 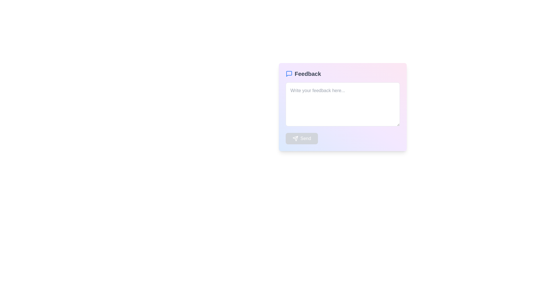 What do you see at coordinates (305, 139) in the screenshot?
I see `the button labeled for sending feedback, which is located towards the bottom-right corner of the feedback form, adjacent to a paper plane icon` at bounding box center [305, 139].